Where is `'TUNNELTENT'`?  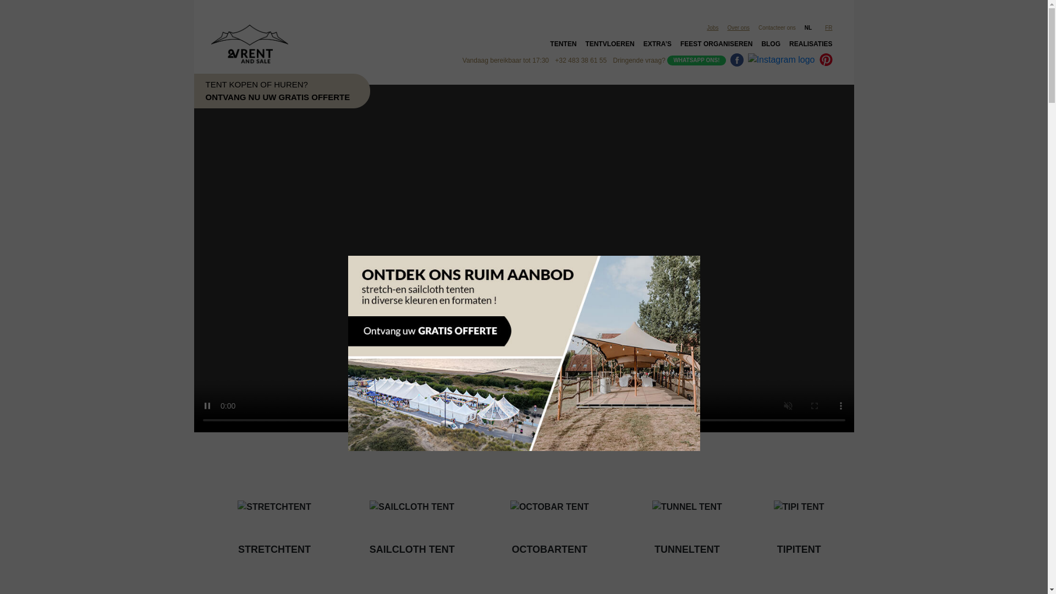
'TUNNELTENT' is located at coordinates (686, 516).